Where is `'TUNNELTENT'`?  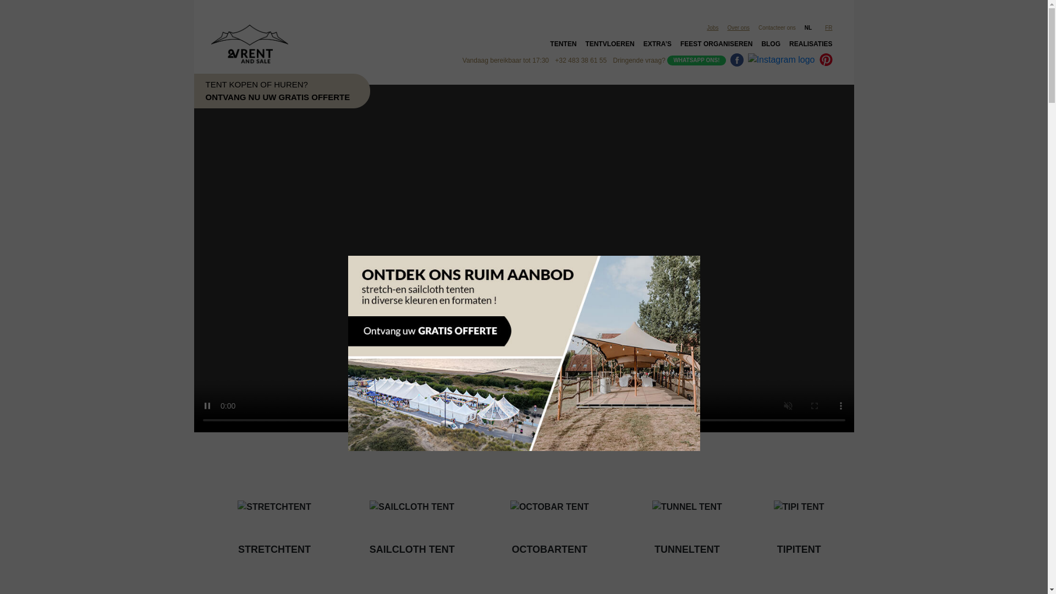
'TUNNELTENT' is located at coordinates (686, 516).